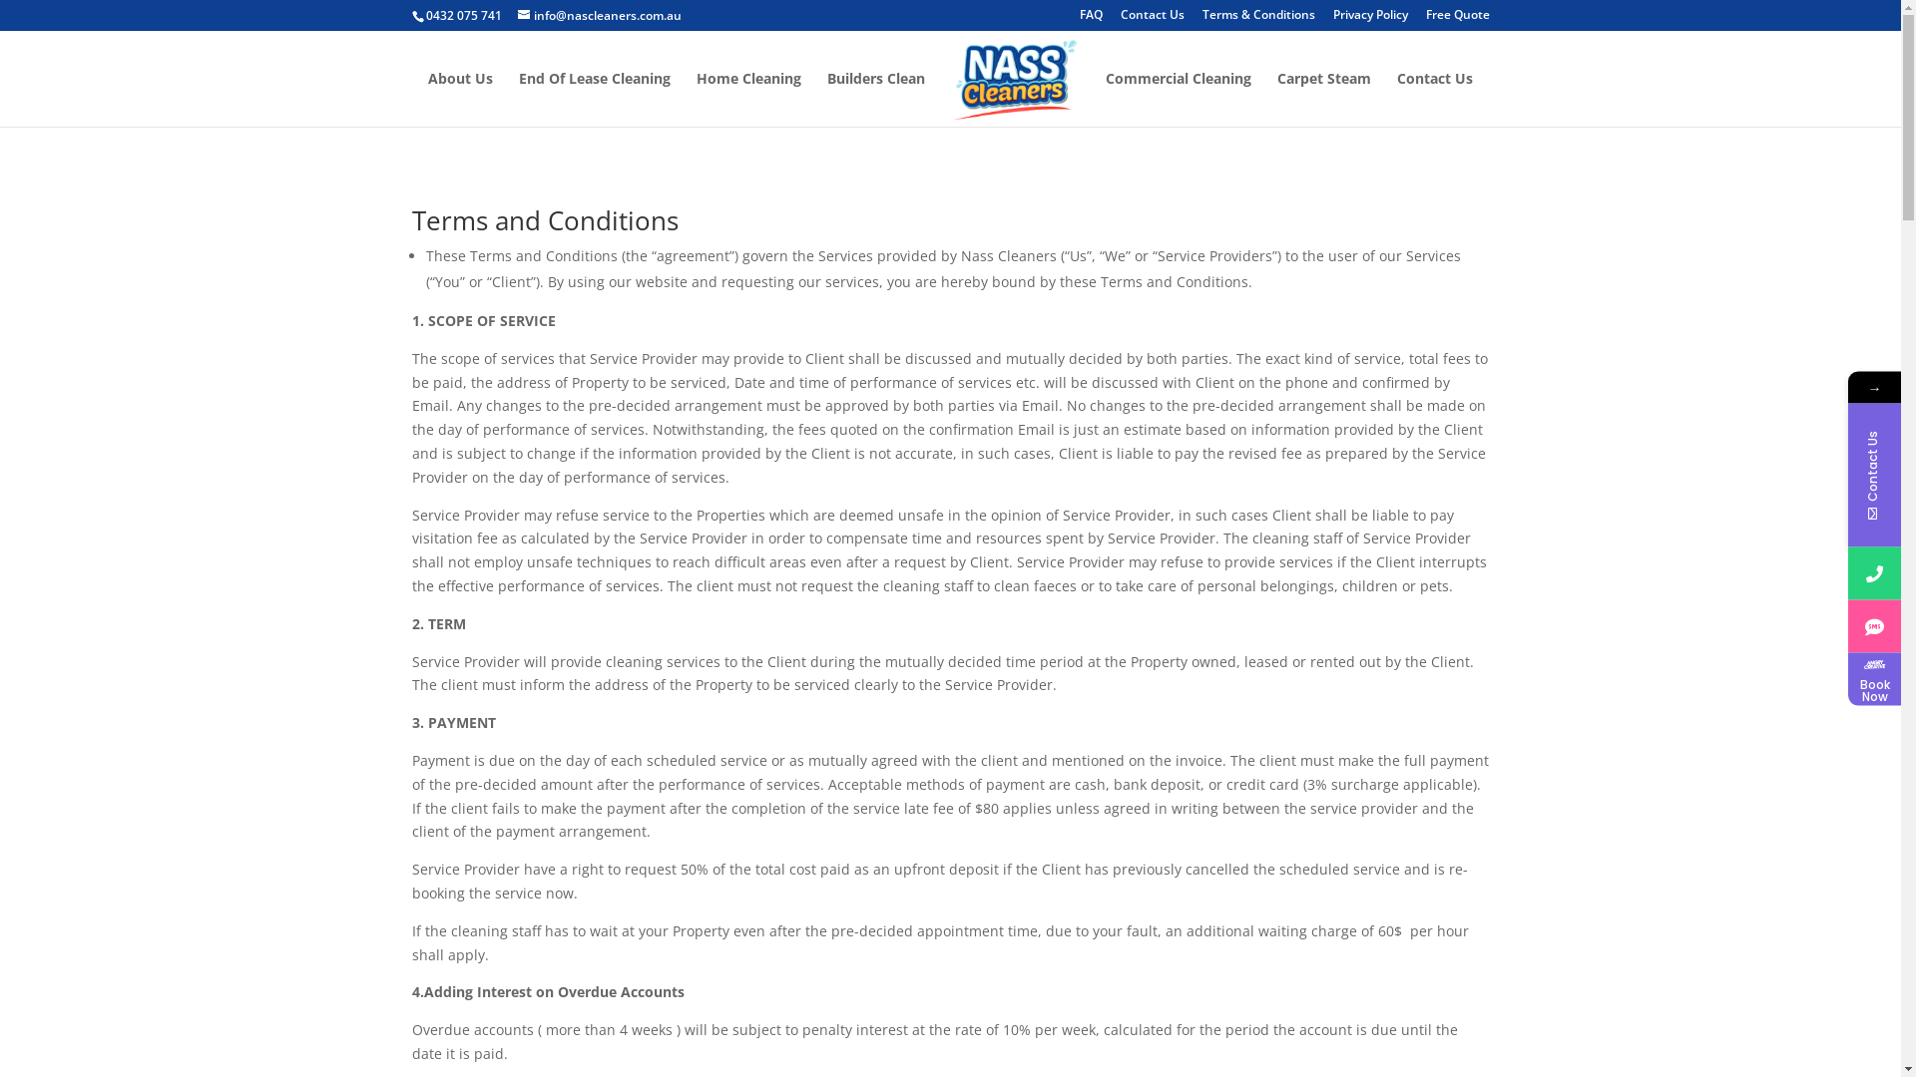  What do you see at coordinates (1090, 19) in the screenshot?
I see `'FAQ'` at bounding box center [1090, 19].